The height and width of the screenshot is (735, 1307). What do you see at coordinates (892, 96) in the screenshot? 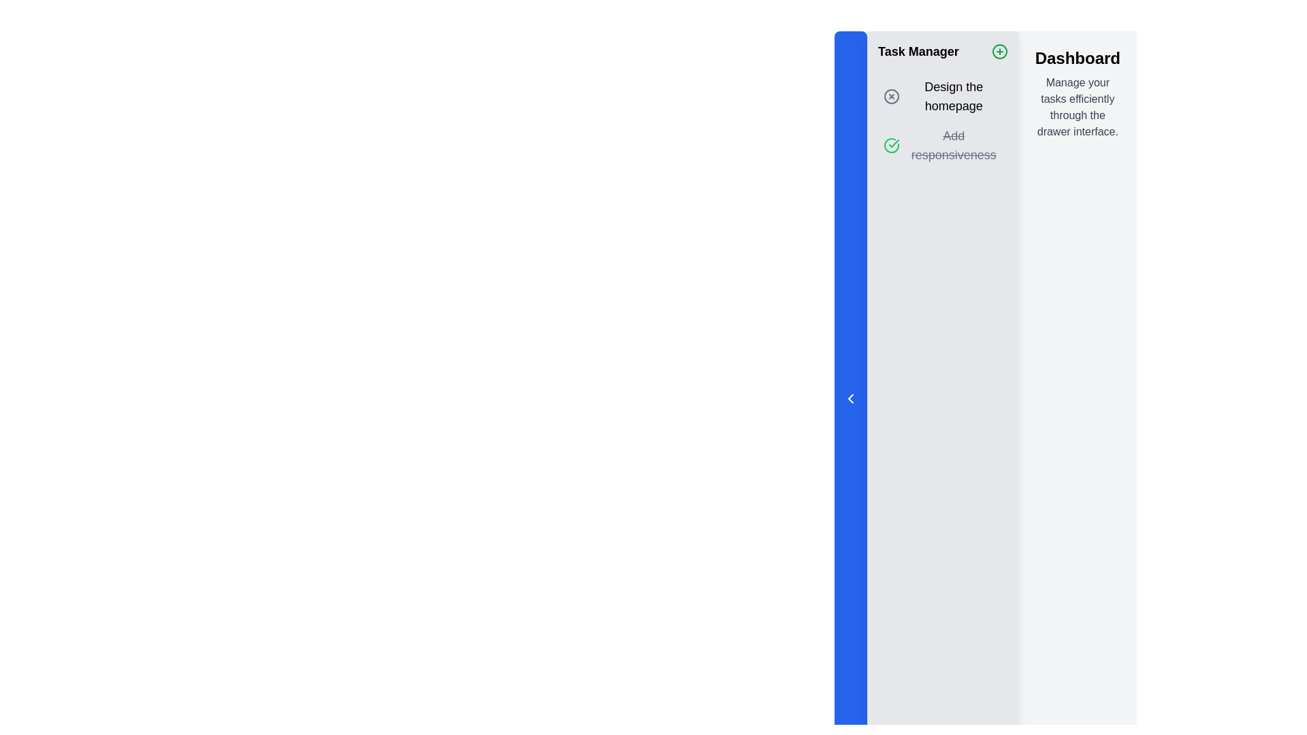
I see `the circular gray button with an 'X' shape that appears adjacent to the left of the 'Design the homepage' text in the Task Manager section` at bounding box center [892, 96].